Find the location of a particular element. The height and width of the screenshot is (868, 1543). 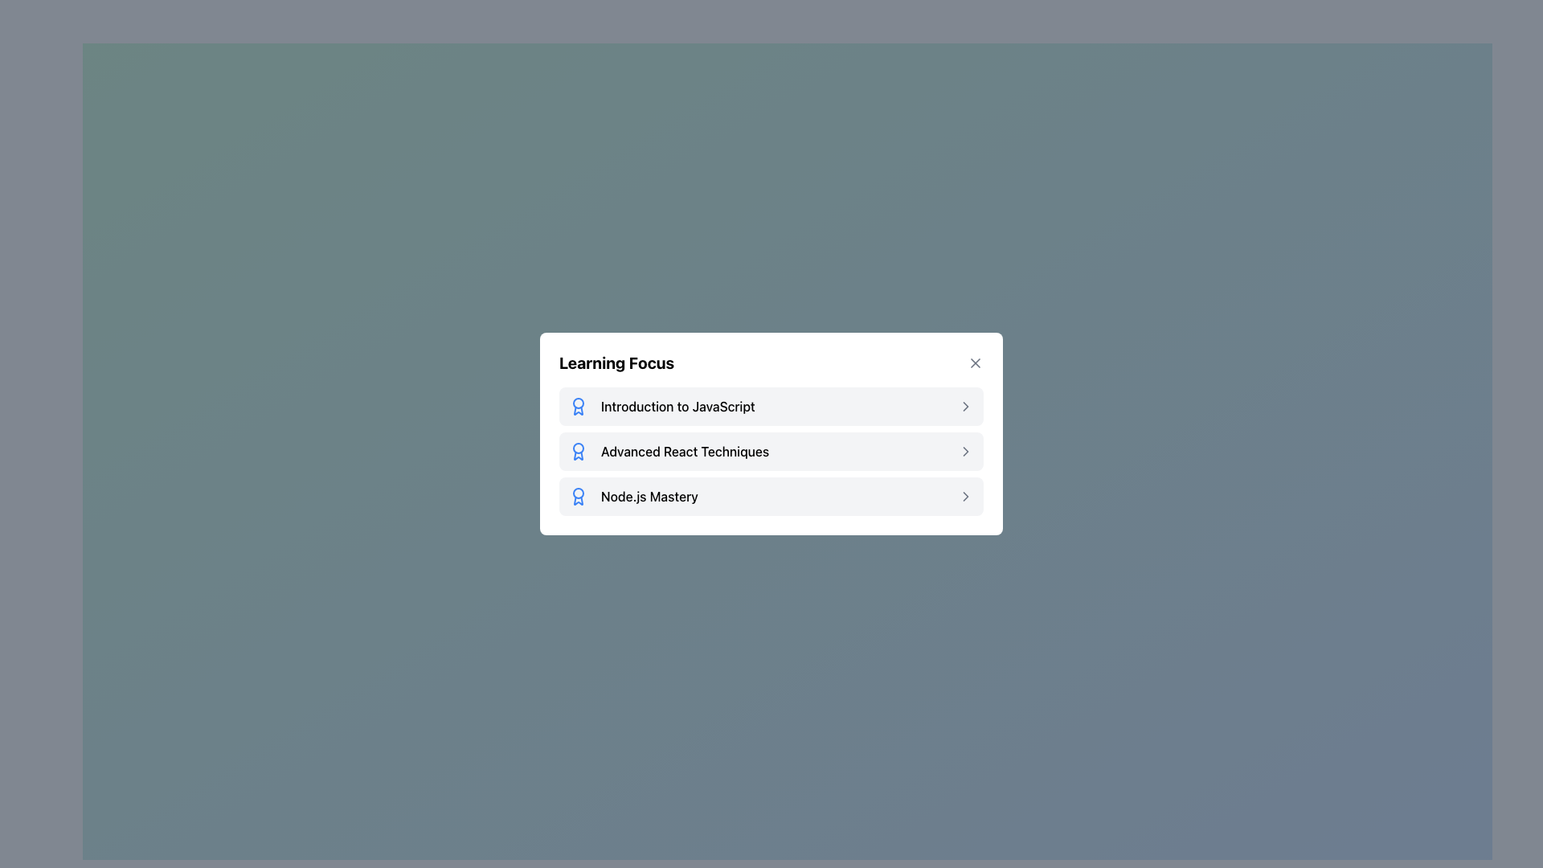

the chevron icon located at the rightmost end of the 'Advanced React Techniques' row in the 'Learning Focus' list is located at coordinates (964, 452).